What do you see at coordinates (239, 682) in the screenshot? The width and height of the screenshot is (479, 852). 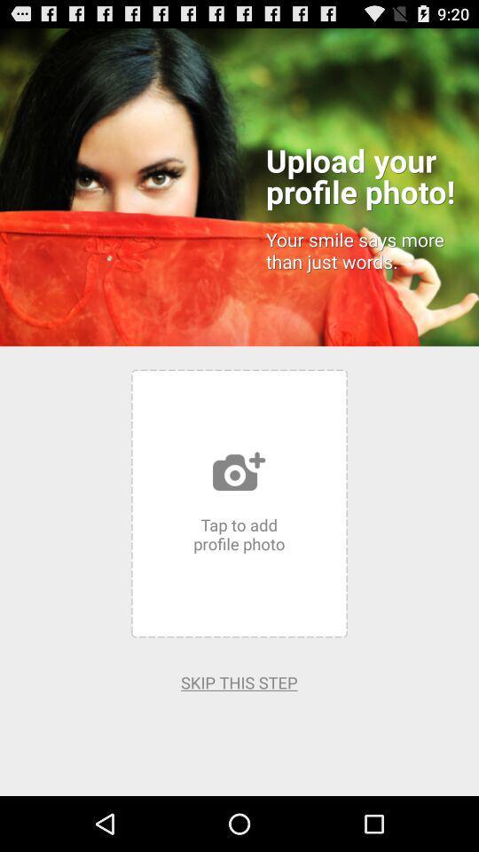 I see `the skip this step app` at bounding box center [239, 682].